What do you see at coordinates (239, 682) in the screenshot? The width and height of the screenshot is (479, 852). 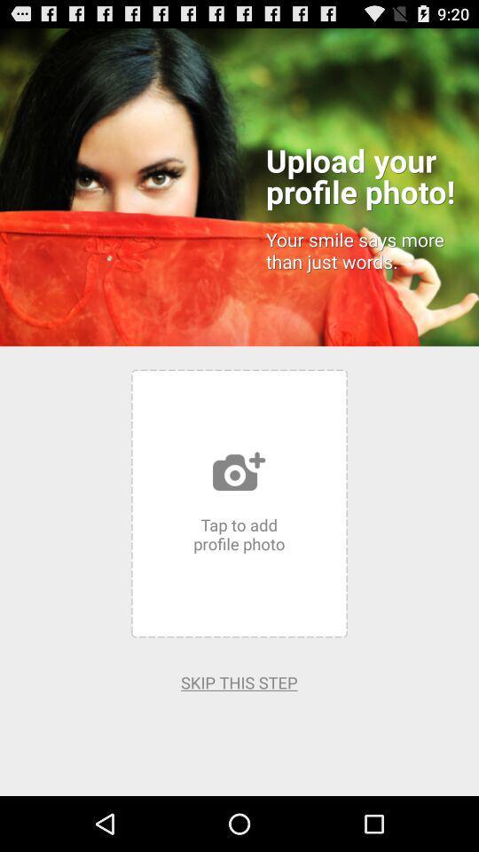 I see `the skip this step app` at bounding box center [239, 682].